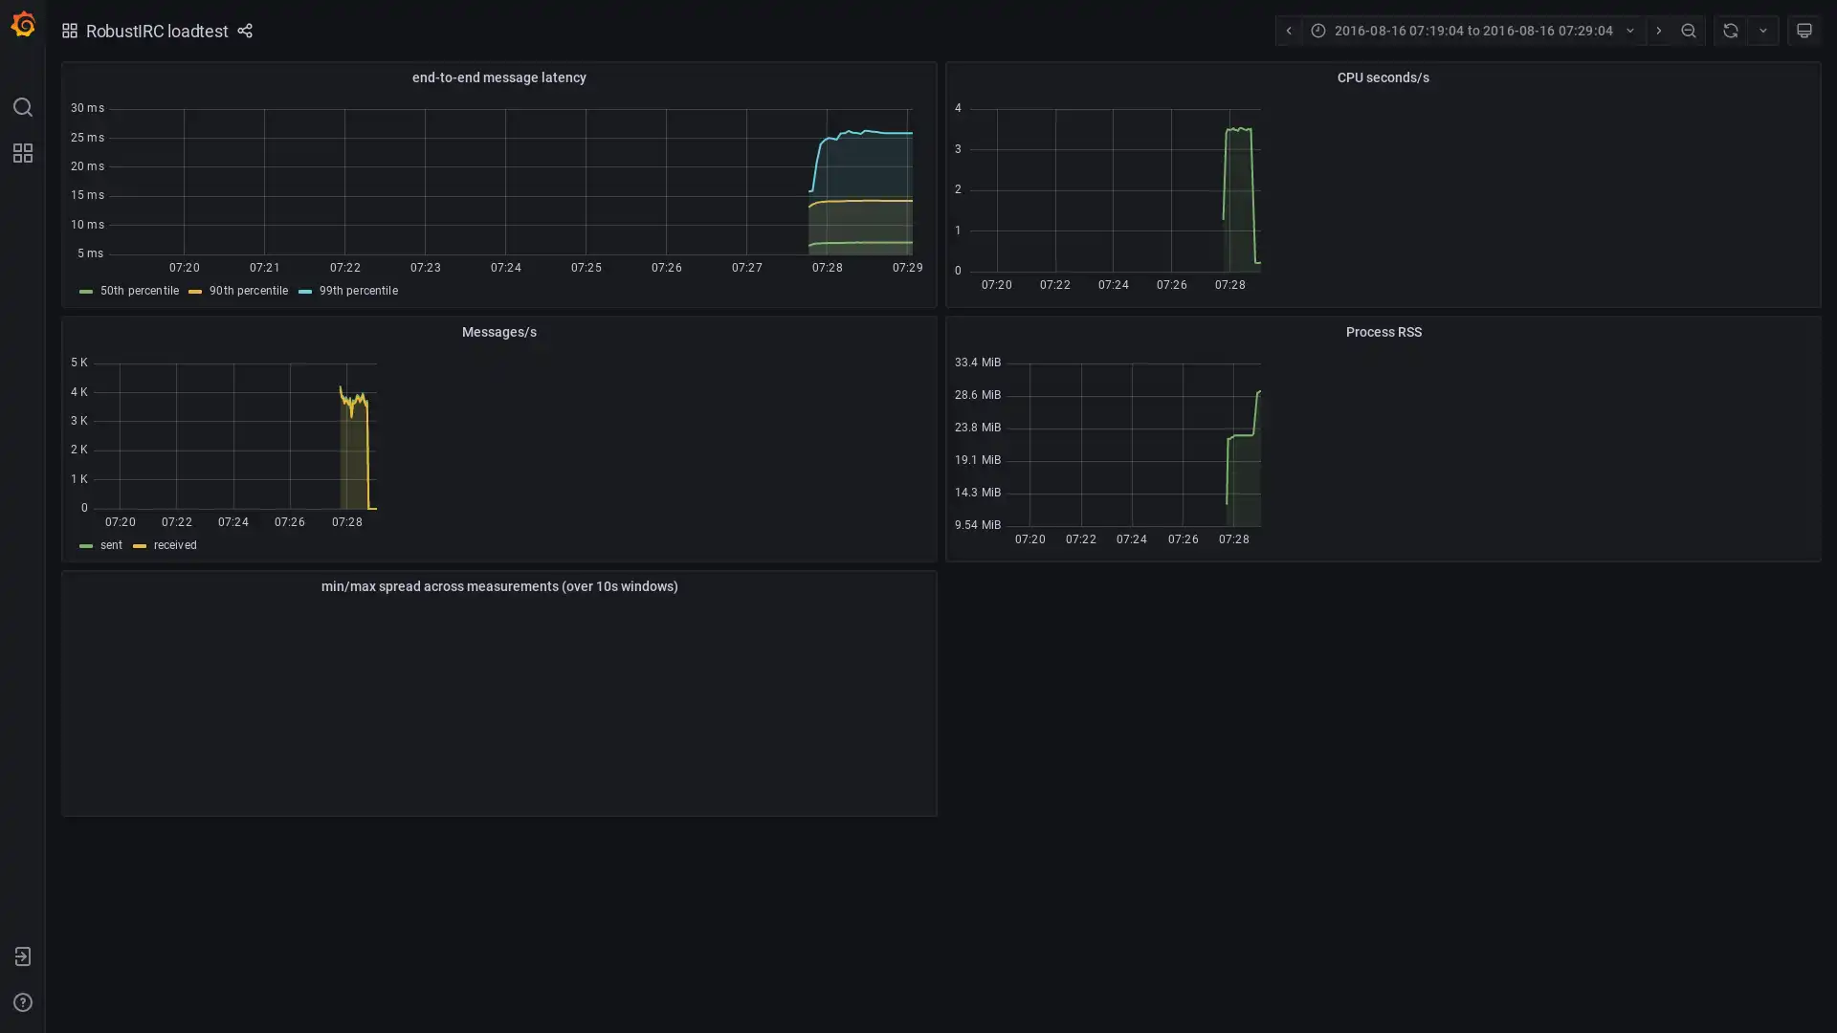 The image size is (1837, 1033). Describe the element at coordinates (1689, 30) in the screenshot. I see `Zoom out time range` at that location.